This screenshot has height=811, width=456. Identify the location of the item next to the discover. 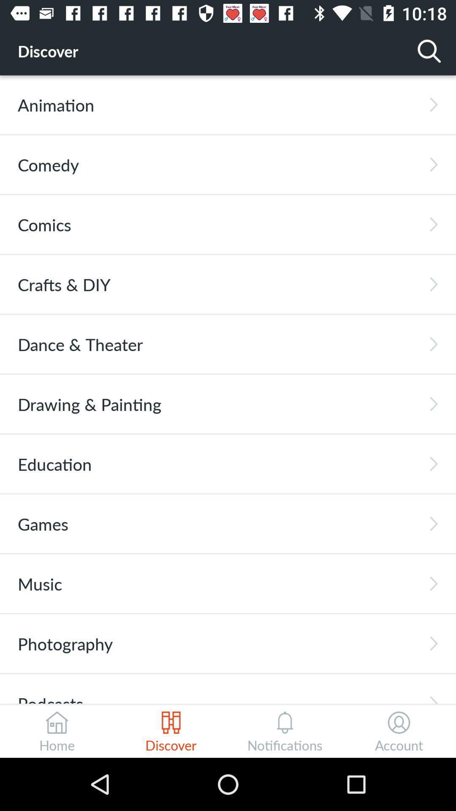
(429, 50).